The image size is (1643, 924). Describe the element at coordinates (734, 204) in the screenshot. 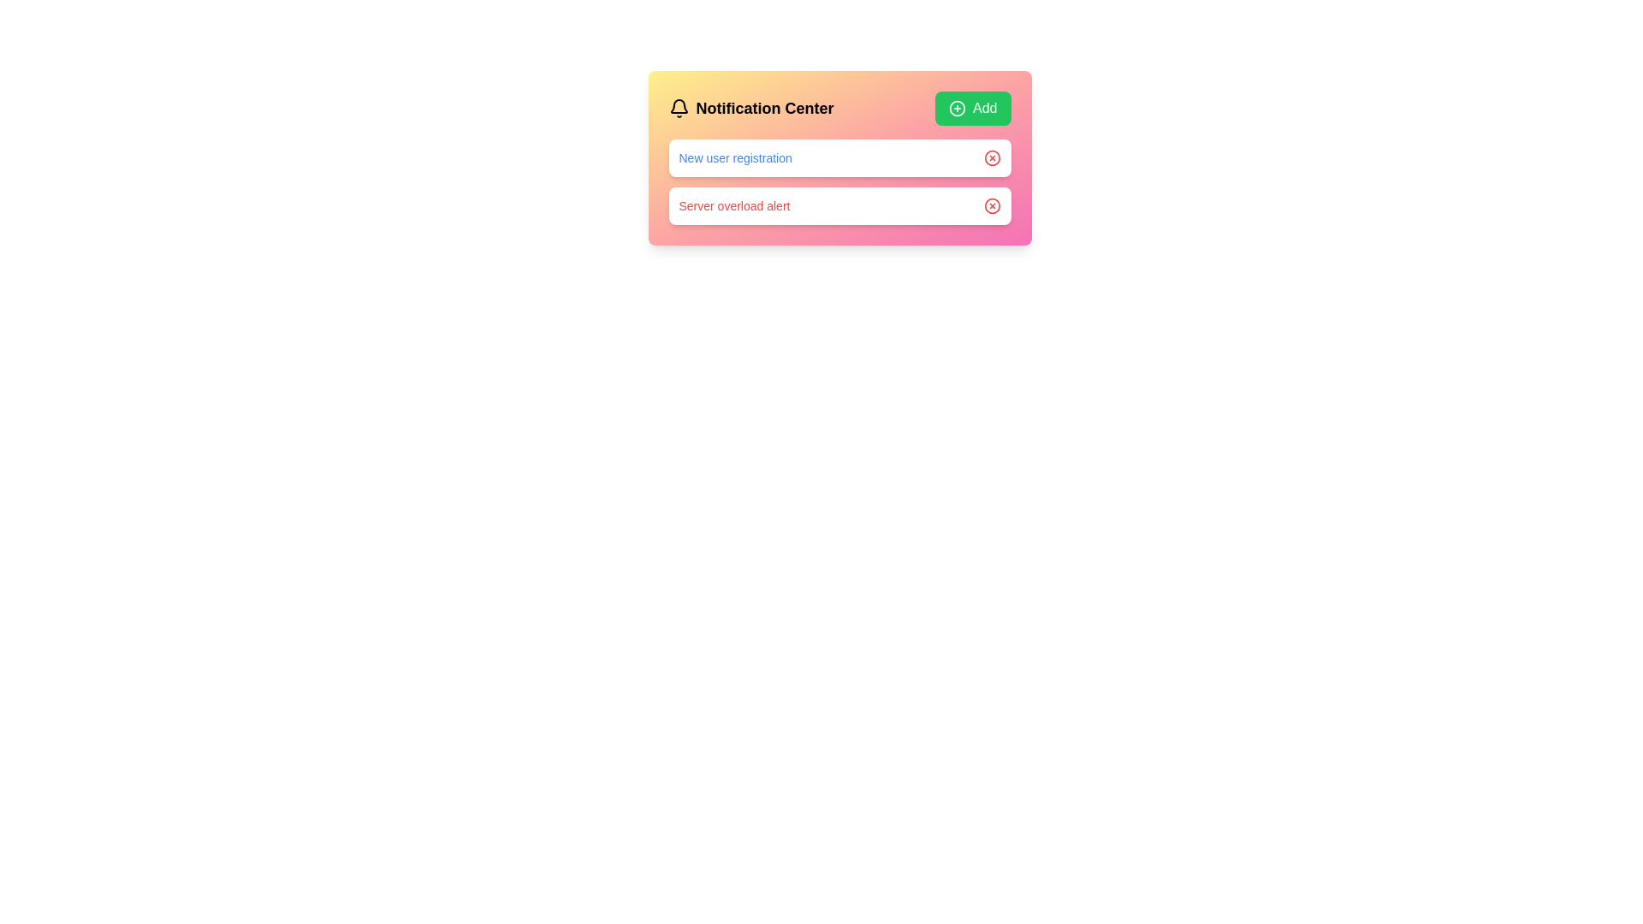

I see `the static text label displaying 'Server overload alert', which is styled in a medium-weight red font and located in the notification card, below the 'New user registration' label` at that location.